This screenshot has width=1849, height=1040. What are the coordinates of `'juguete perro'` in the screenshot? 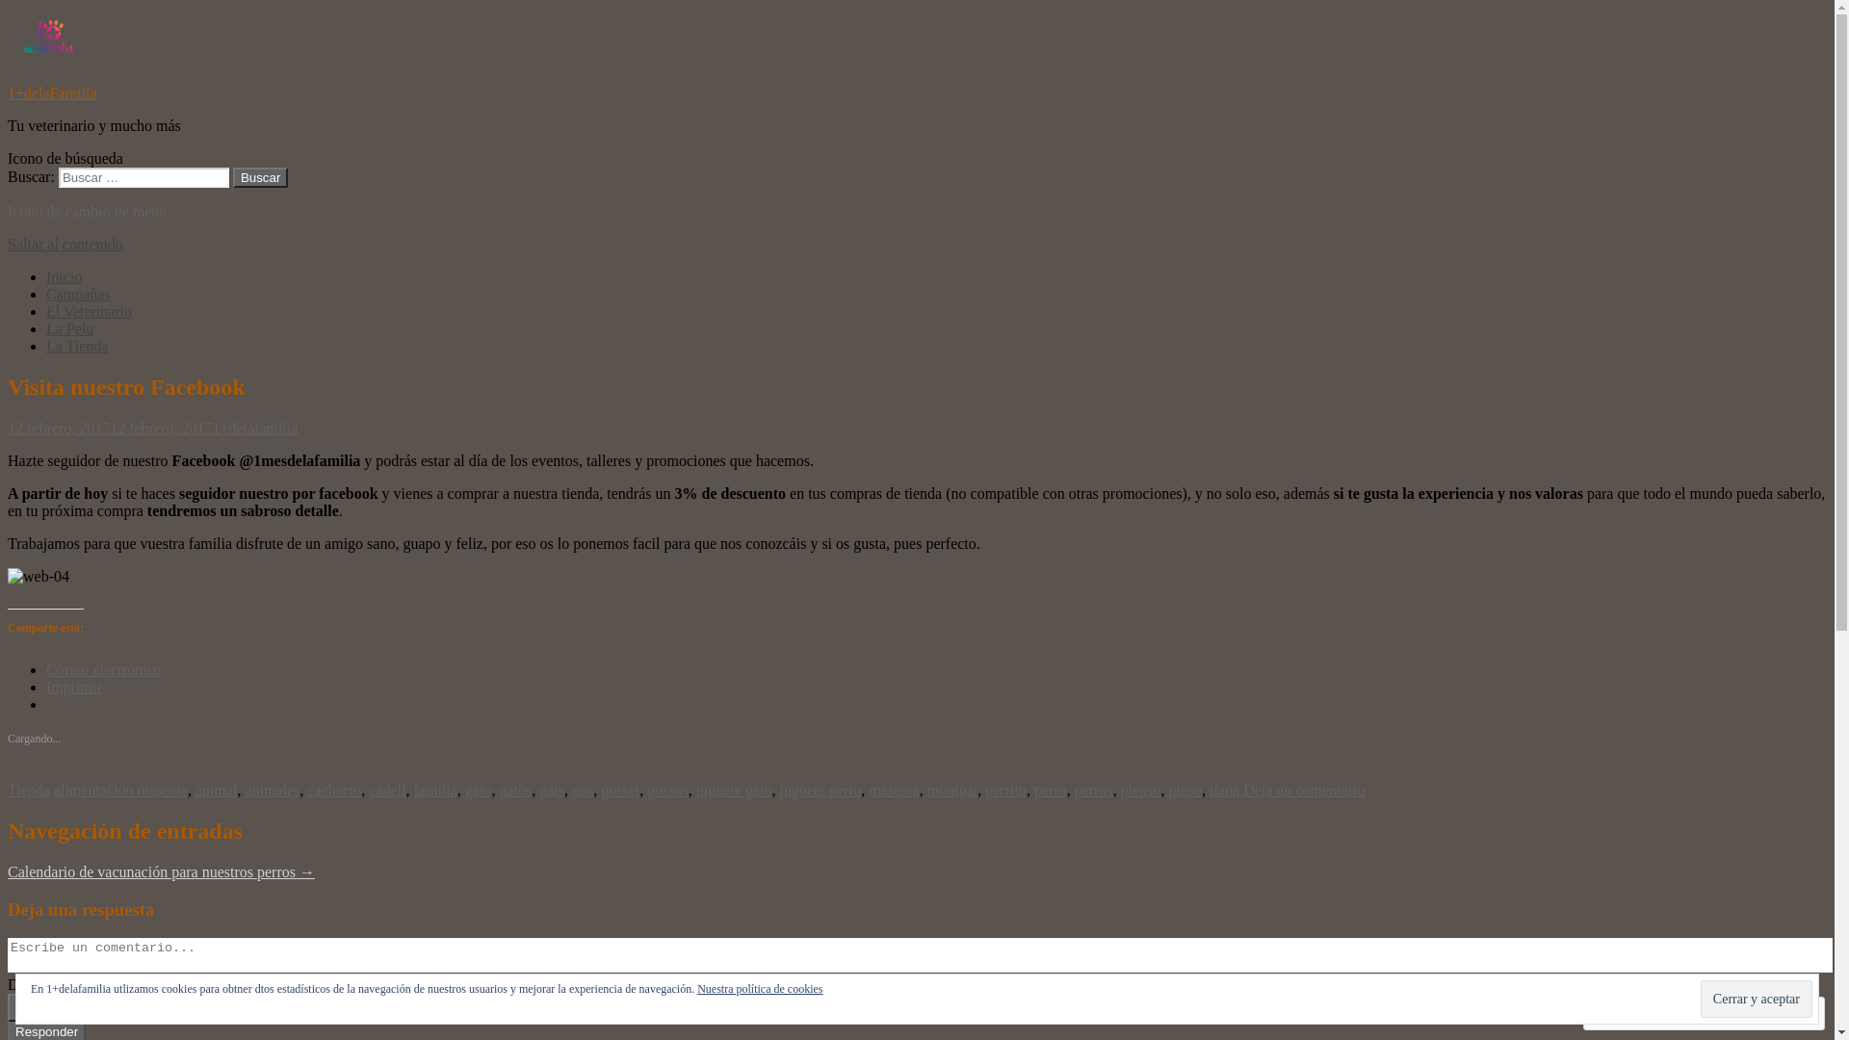 It's located at (820, 790).